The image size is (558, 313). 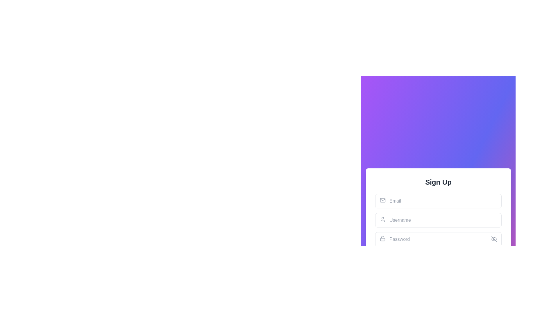 I want to click on the envelope icon, which is a clean line-art gray icon situated to the left of the email input field in the 'Sign Up' form area, so click(x=382, y=200).